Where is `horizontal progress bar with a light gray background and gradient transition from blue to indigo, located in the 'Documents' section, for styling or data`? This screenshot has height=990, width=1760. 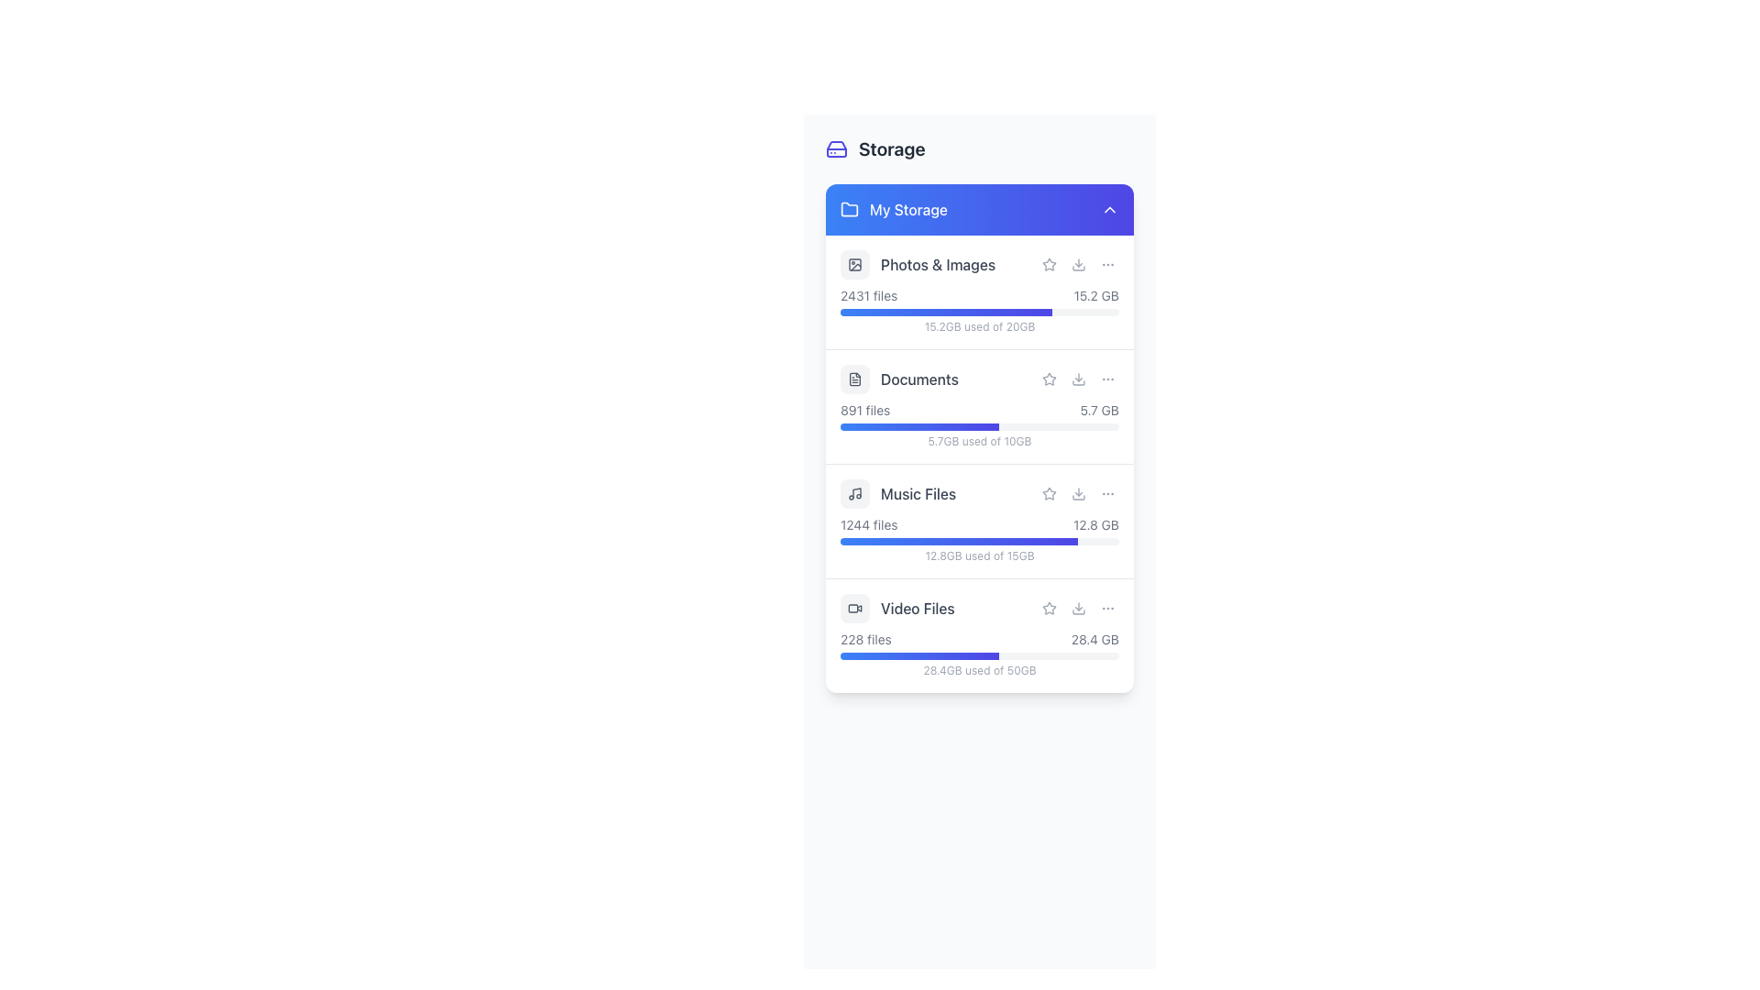 horizontal progress bar with a light gray background and gradient transition from blue to indigo, located in the 'Documents' section, for styling or data is located at coordinates (979, 427).